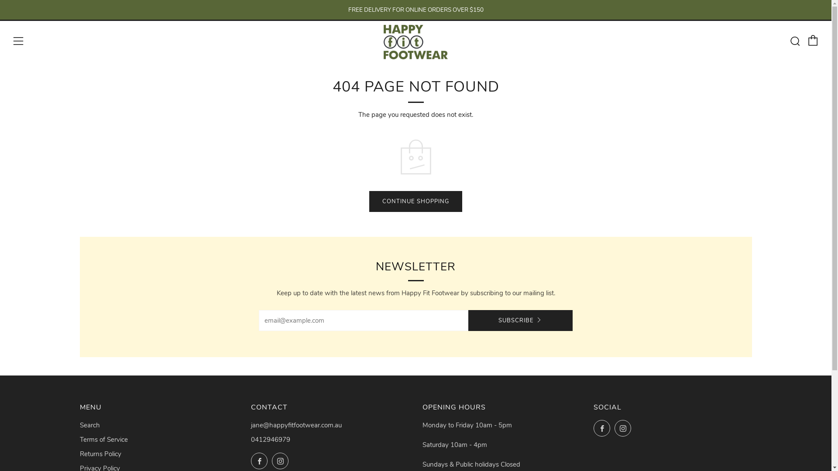  What do you see at coordinates (270, 439) in the screenshot?
I see `'0412946979'` at bounding box center [270, 439].